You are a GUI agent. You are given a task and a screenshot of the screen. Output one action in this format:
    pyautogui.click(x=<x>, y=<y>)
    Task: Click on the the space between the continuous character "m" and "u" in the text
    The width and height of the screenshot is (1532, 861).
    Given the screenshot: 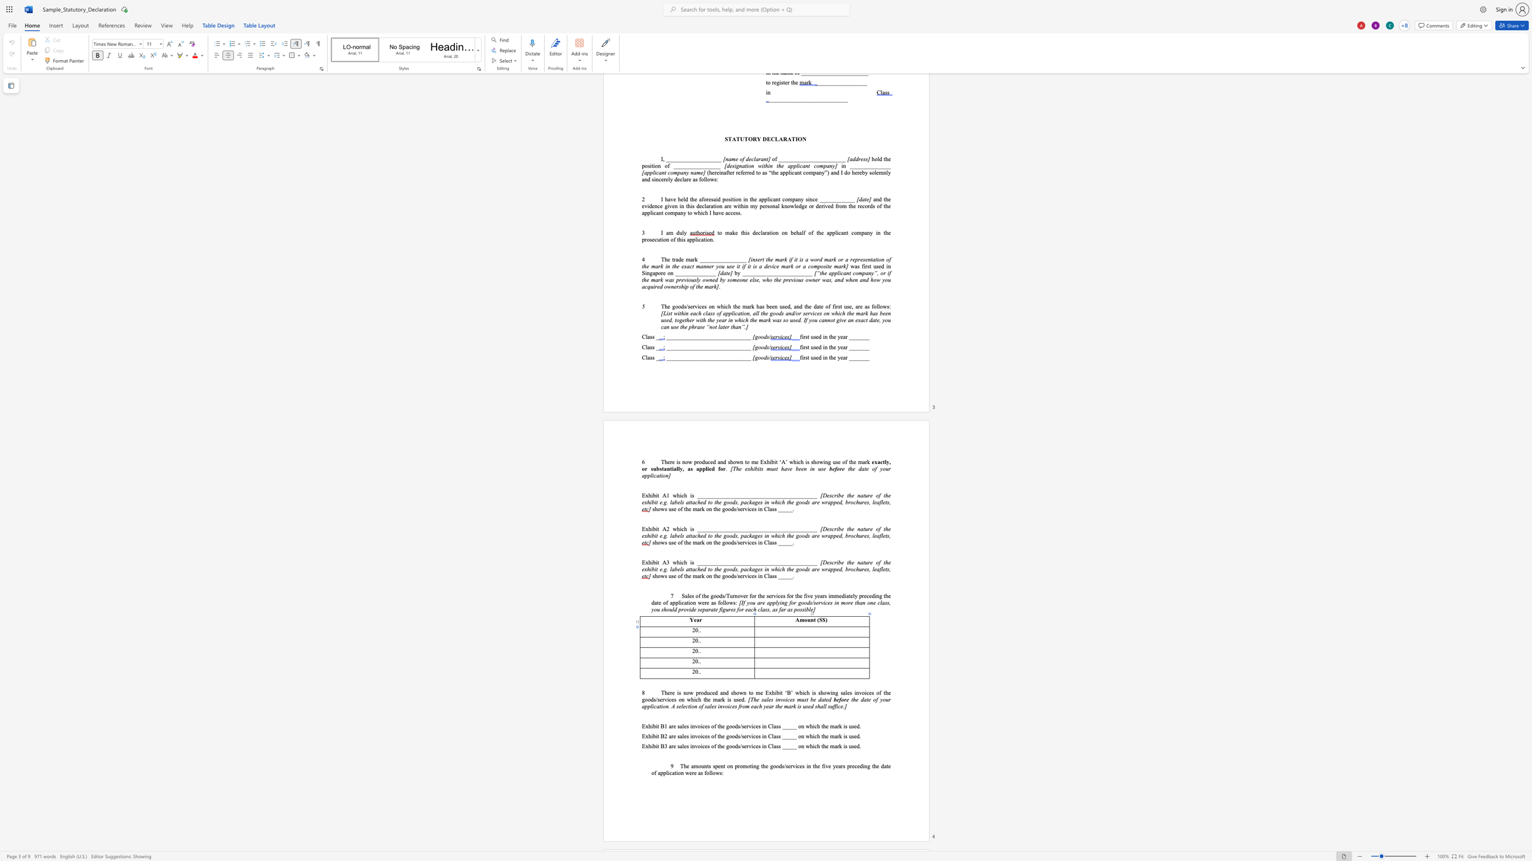 What is the action you would take?
    pyautogui.click(x=800, y=699)
    